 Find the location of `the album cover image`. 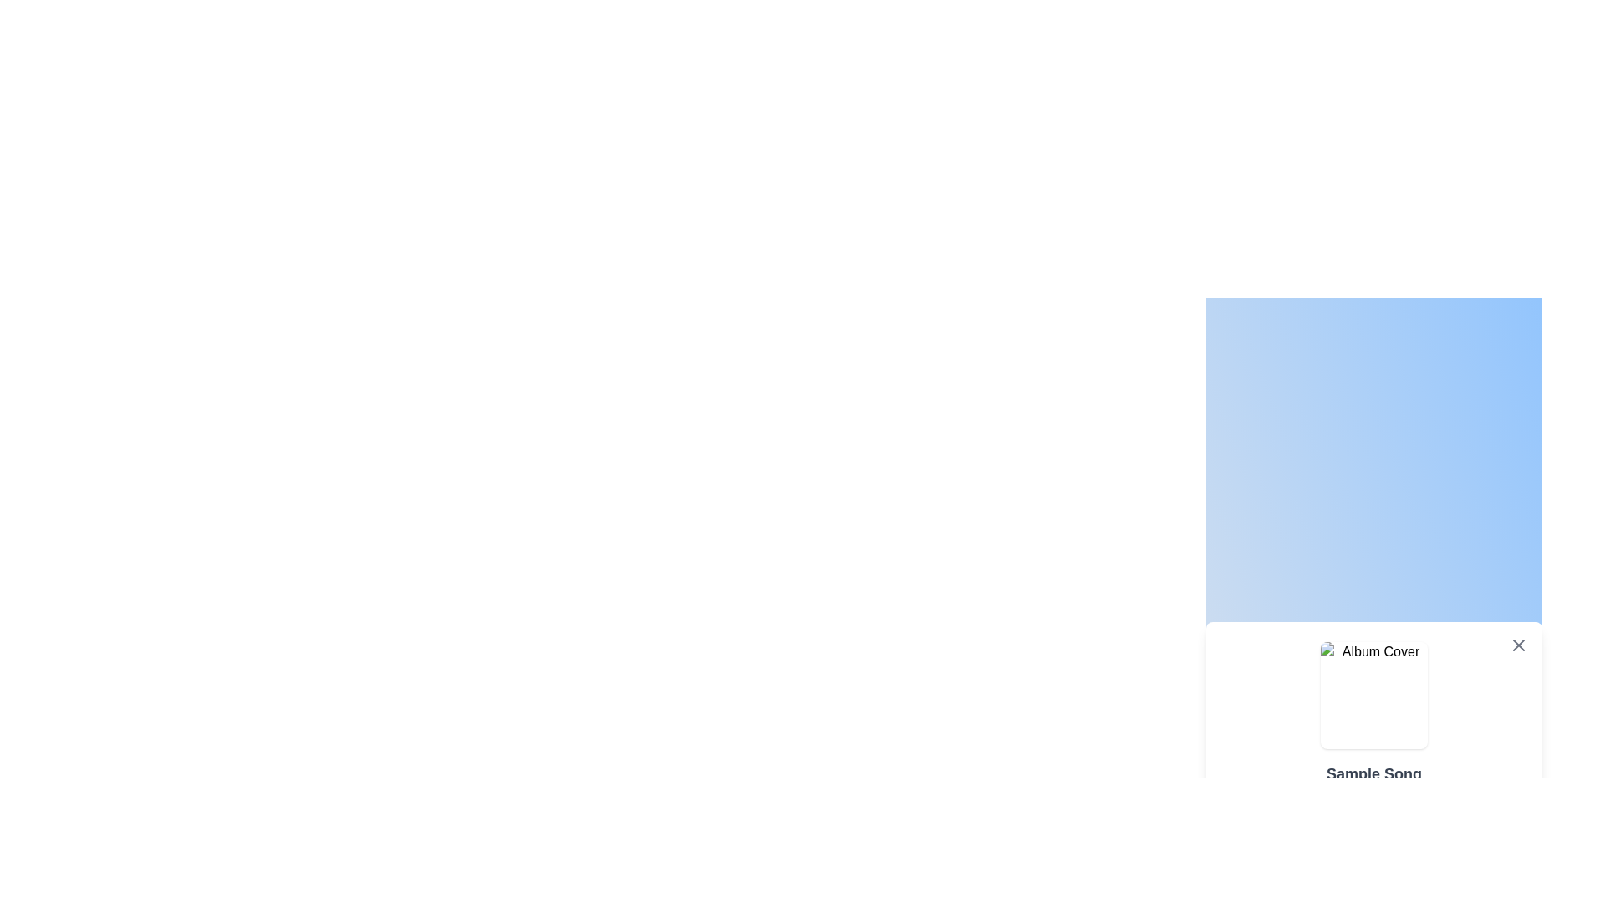

the album cover image is located at coordinates (1373, 696).